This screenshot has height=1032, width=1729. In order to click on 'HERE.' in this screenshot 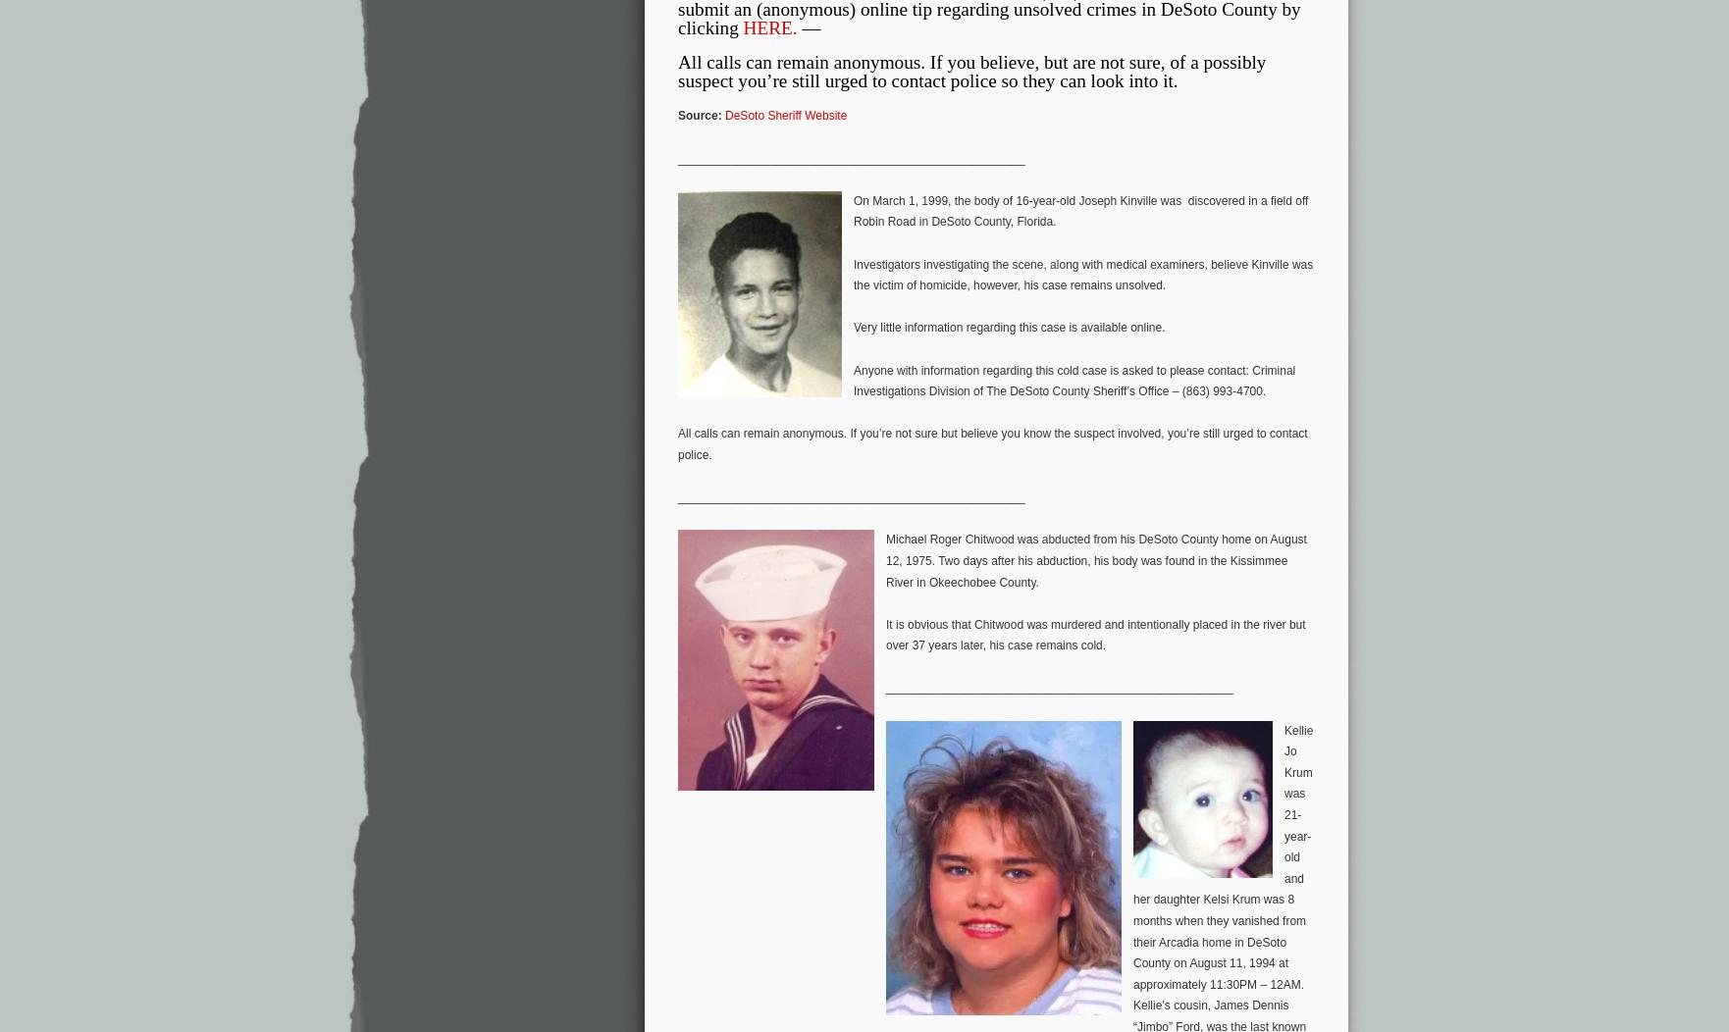, I will do `click(768, 26)`.